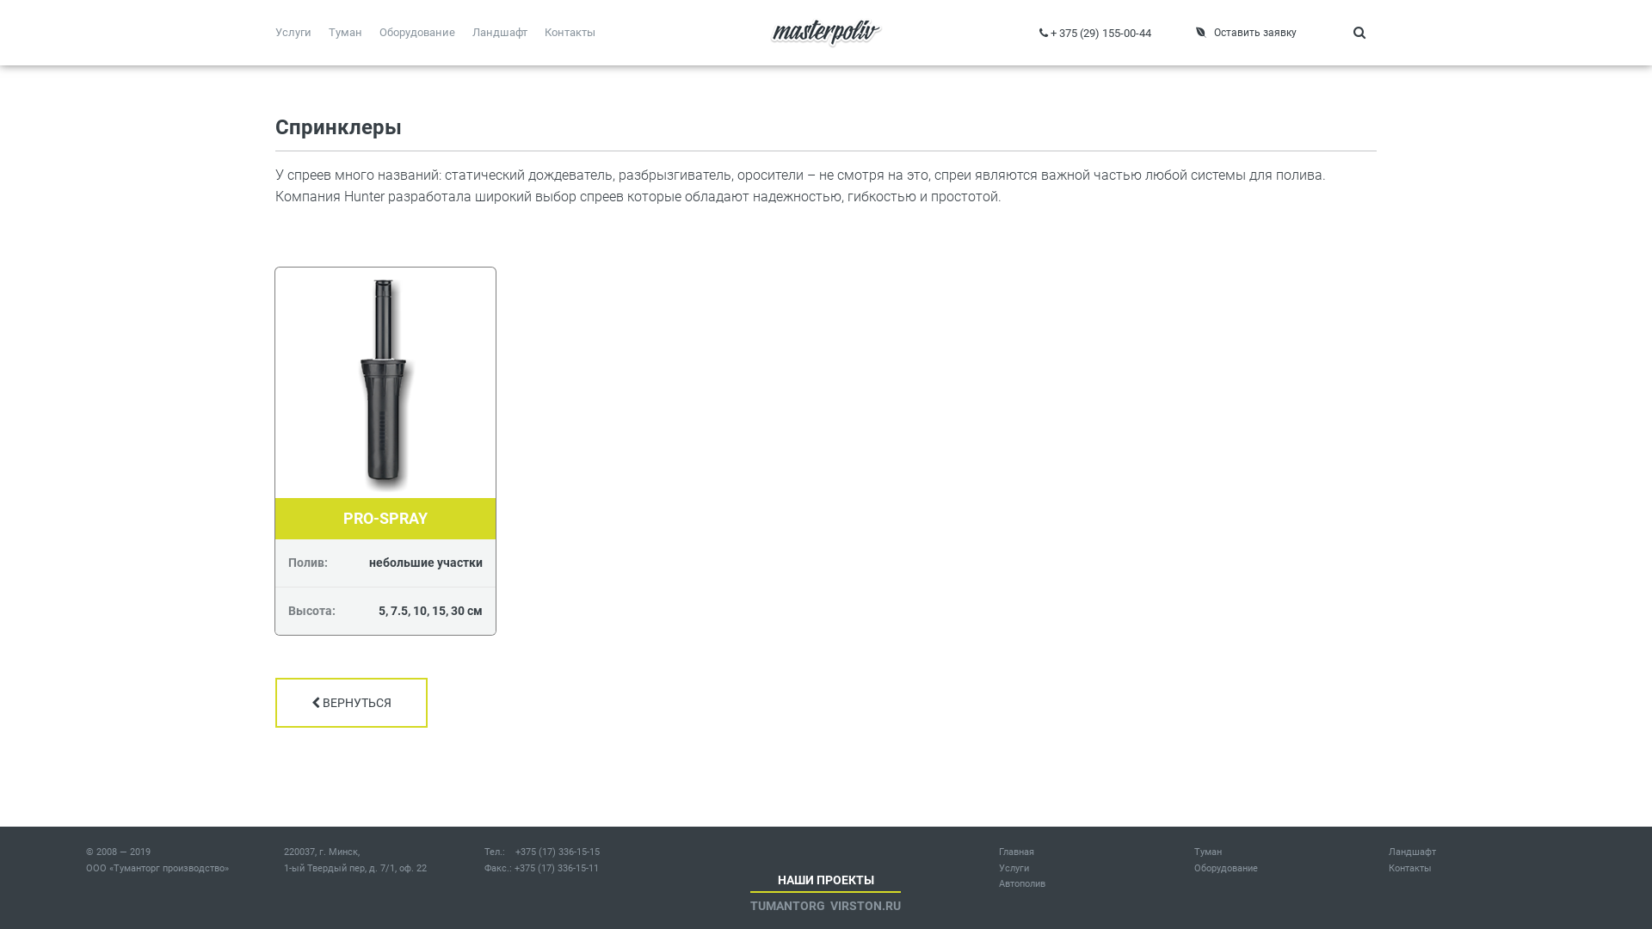  What do you see at coordinates (786, 905) in the screenshot?
I see `'TUMANTORG'` at bounding box center [786, 905].